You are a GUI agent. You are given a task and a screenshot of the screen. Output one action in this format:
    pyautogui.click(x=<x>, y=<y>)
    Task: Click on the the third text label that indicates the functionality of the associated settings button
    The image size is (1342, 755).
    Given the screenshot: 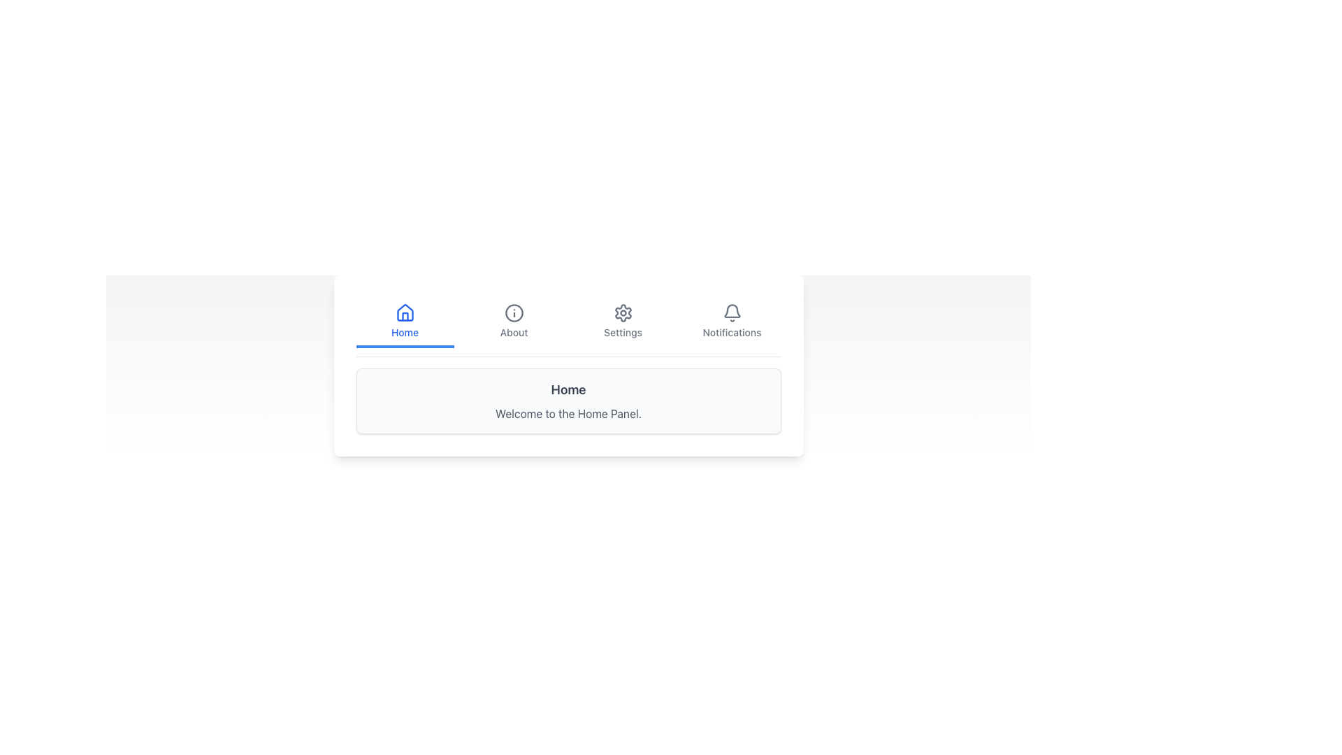 What is the action you would take?
    pyautogui.click(x=622, y=332)
    